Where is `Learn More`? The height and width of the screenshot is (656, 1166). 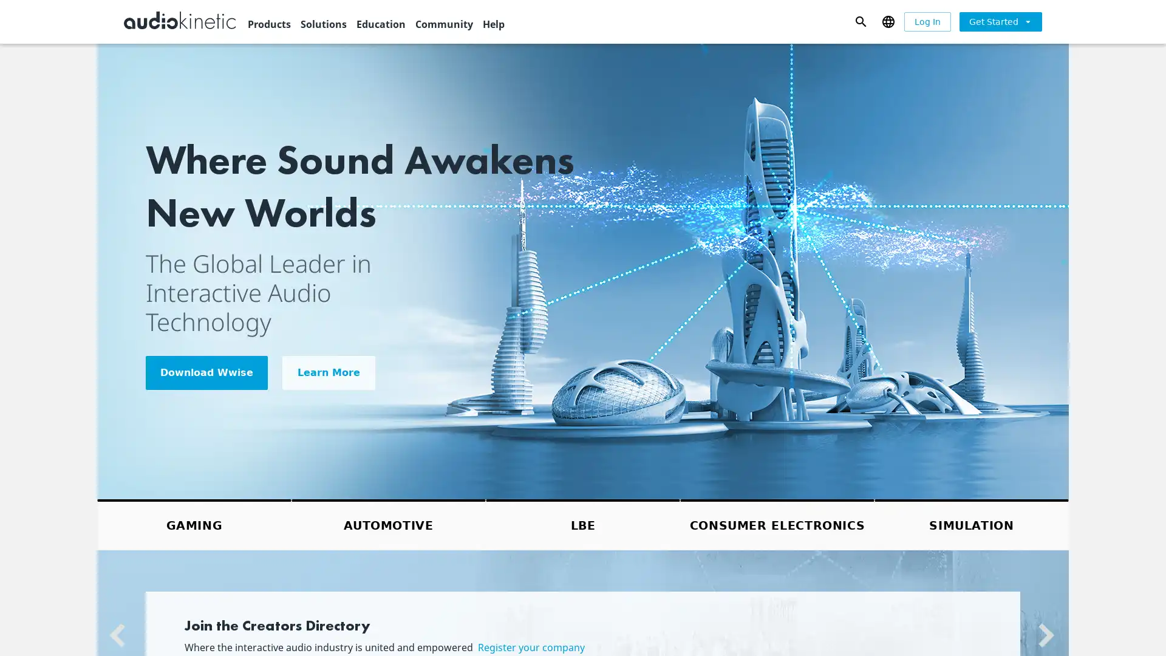
Learn More is located at coordinates (329, 372).